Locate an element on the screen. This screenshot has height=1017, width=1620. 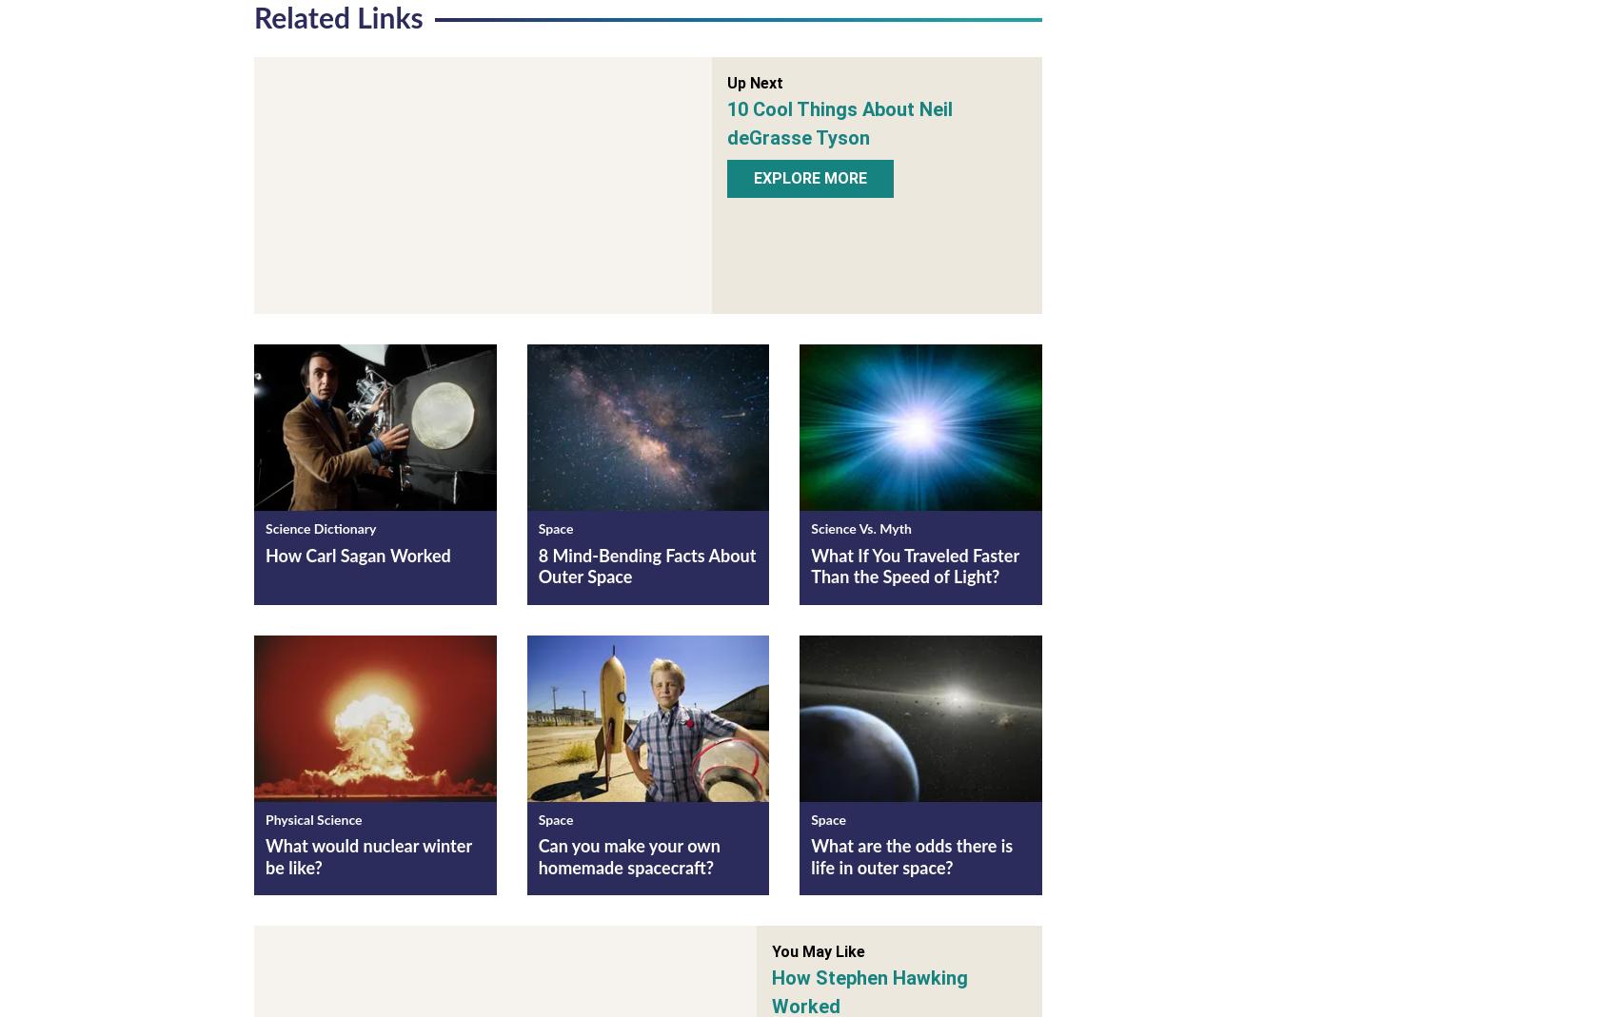
'Science Vs. Myth' is located at coordinates (860, 534).